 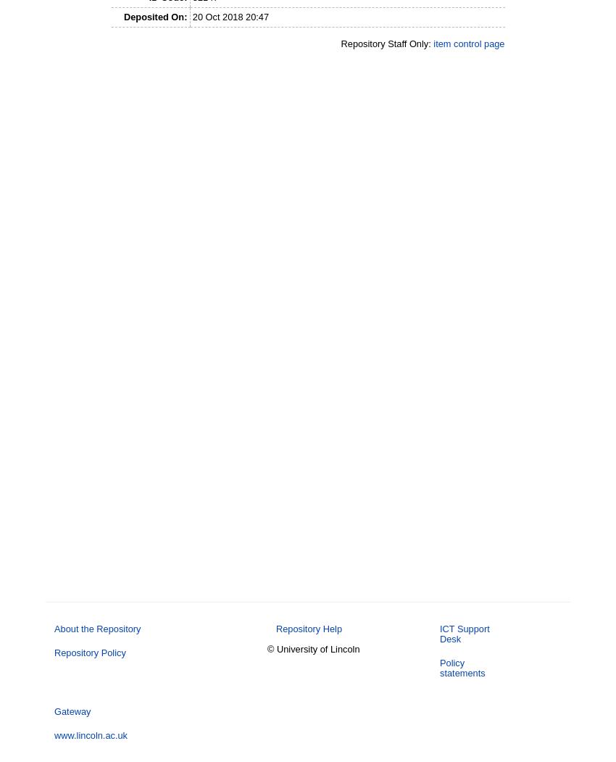 I want to click on '© University of Lincoln', so click(x=312, y=649).